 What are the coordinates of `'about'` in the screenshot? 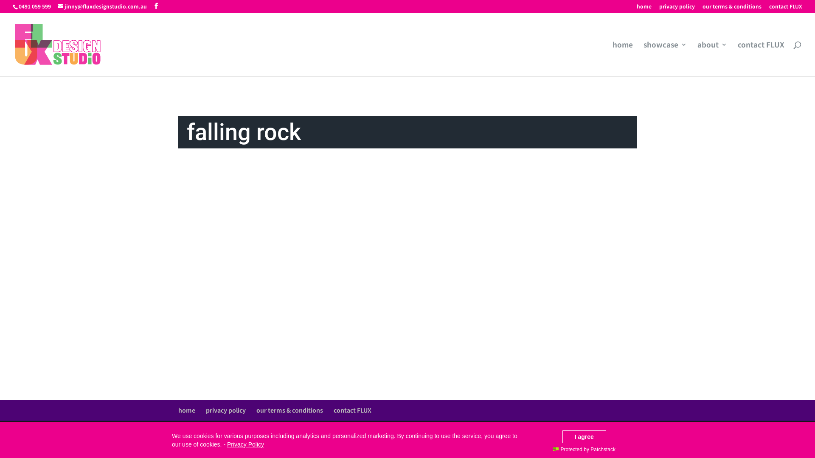 It's located at (712, 58).